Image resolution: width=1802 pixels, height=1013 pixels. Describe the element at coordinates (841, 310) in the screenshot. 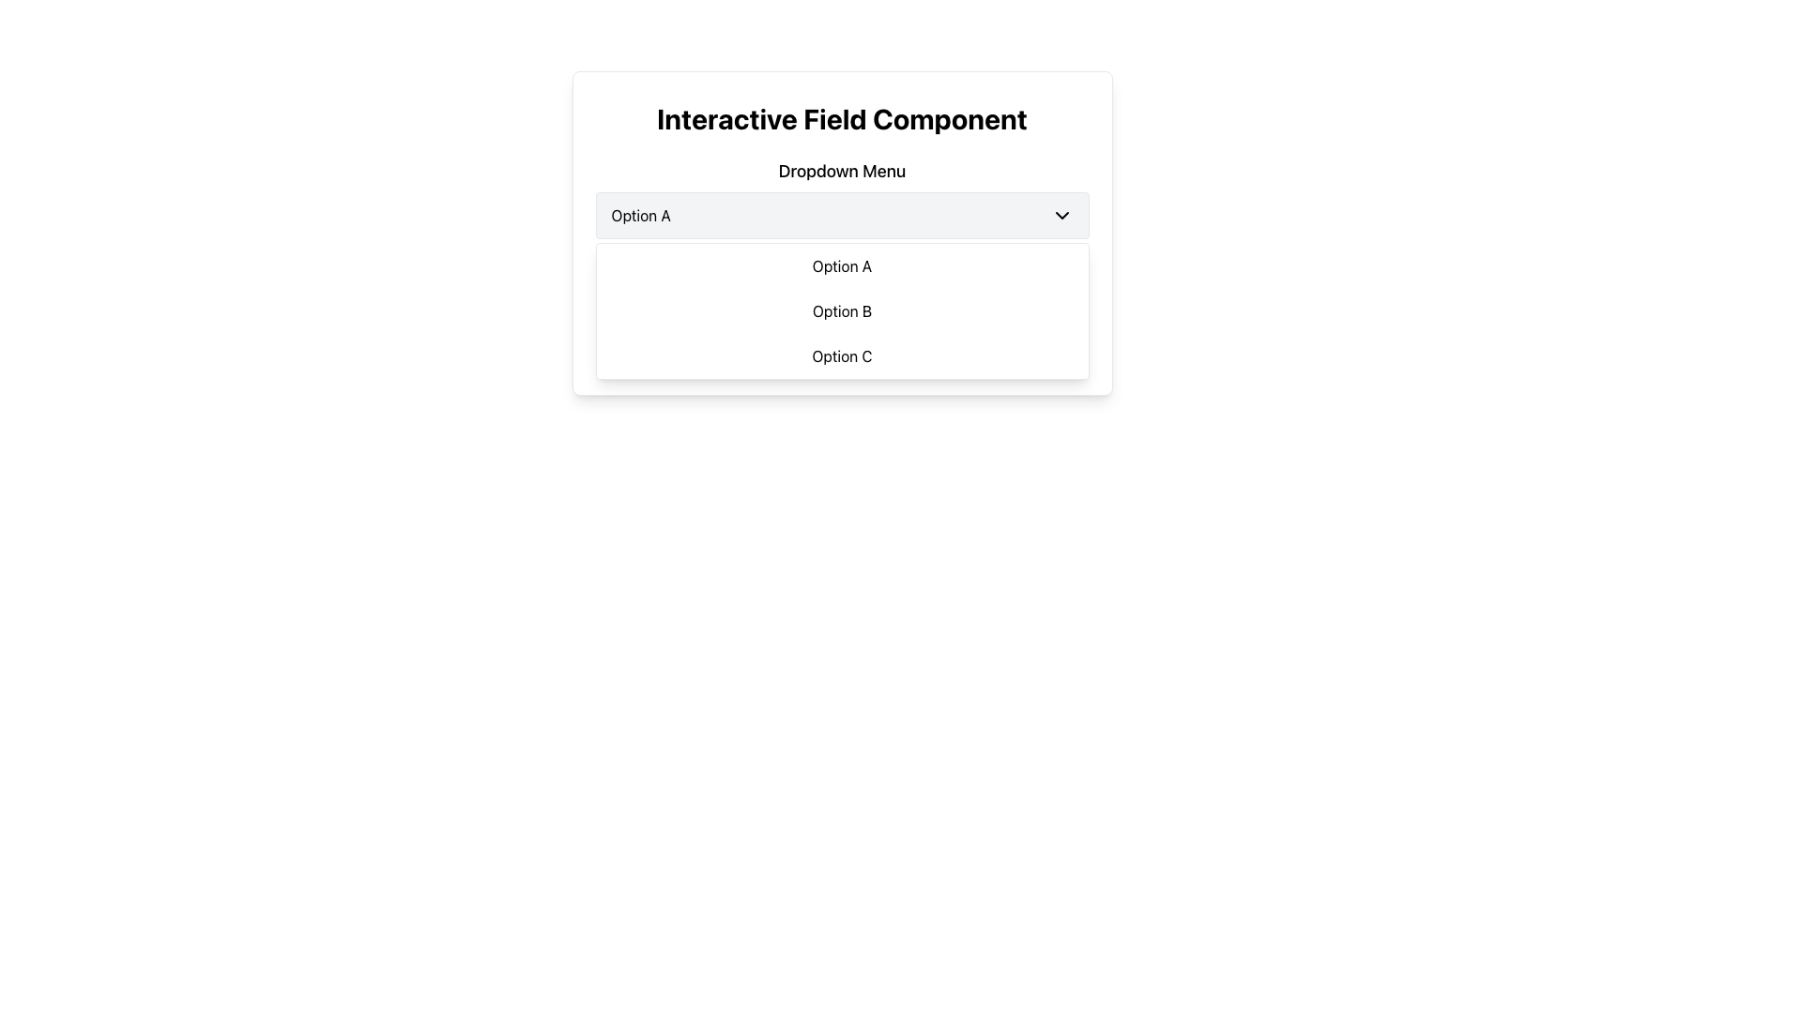

I see `the second item in the dropdown menu` at that location.